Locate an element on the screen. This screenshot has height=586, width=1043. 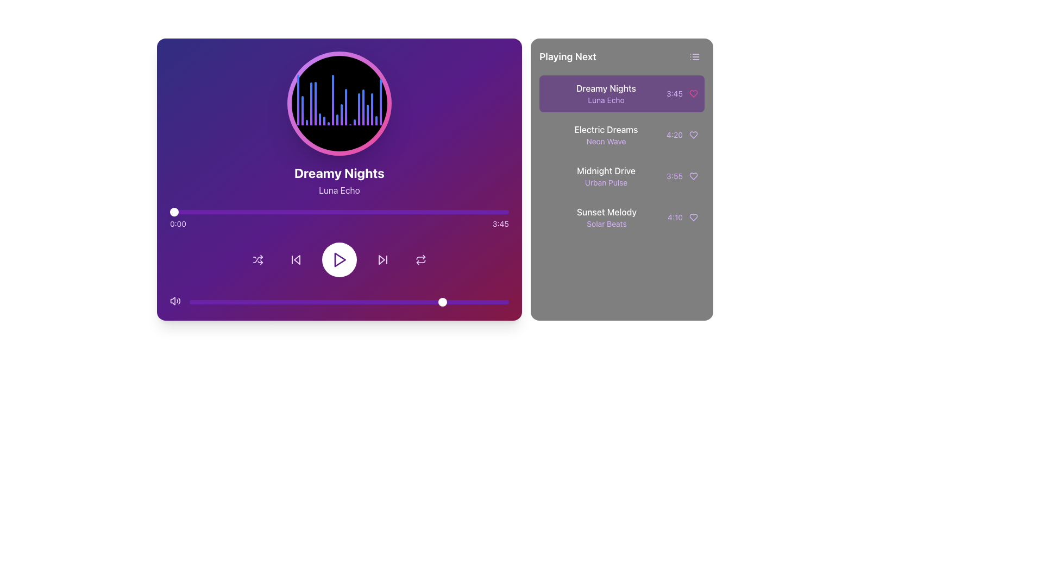
the heart-shaped pink icon located in the 'Playing Next' section, to the right of the timestamp '3:45' and within the highlighted item 'Dreamy Nights' is located at coordinates (693, 93).